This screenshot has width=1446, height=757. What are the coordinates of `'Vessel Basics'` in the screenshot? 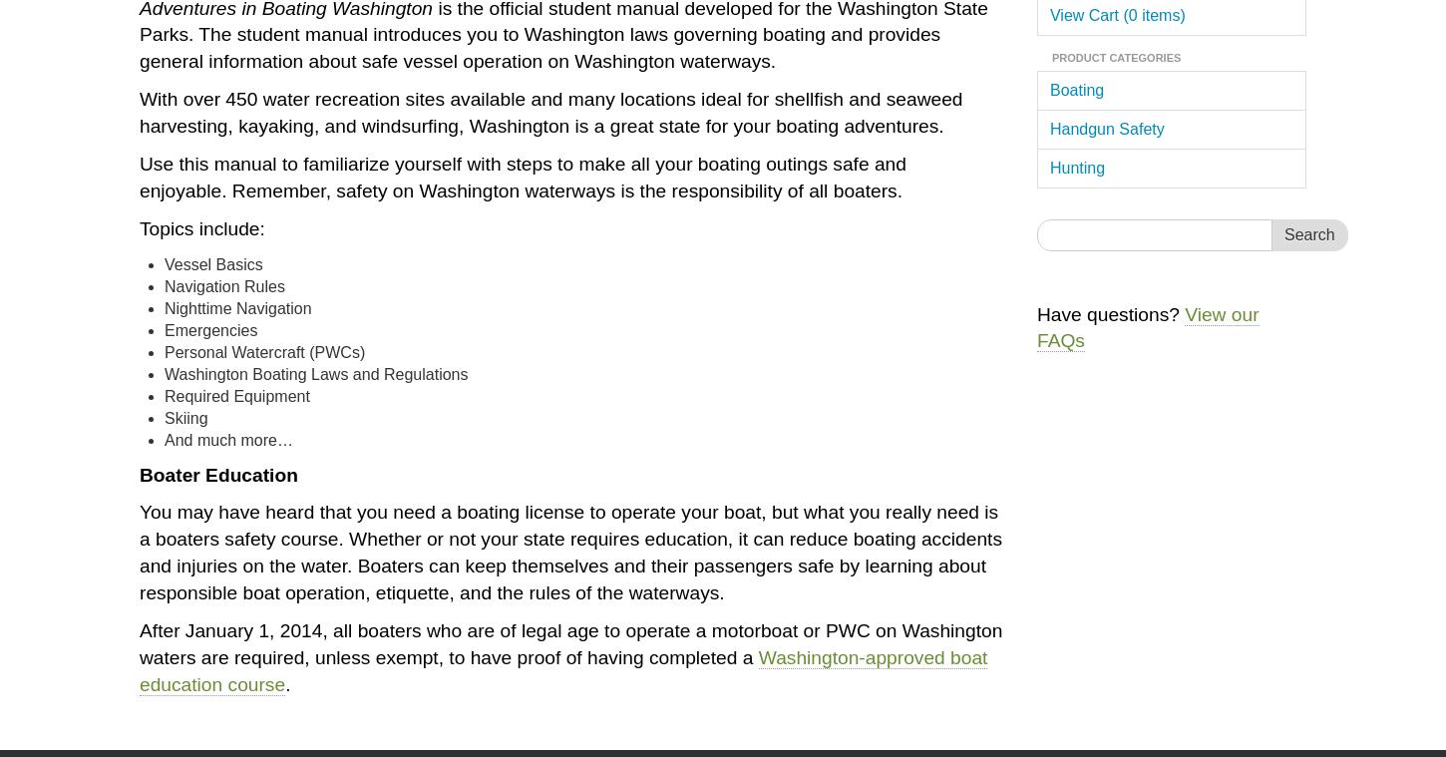 It's located at (212, 262).